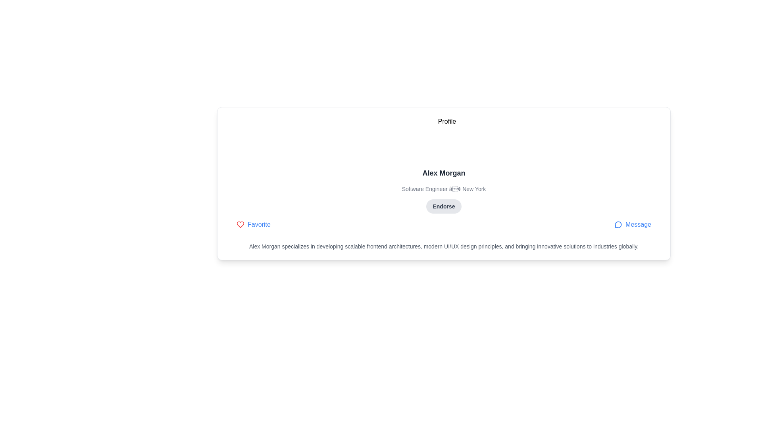  Describe the element at coordinates (240, 225) in the screenshot. I see `the 'favorite' icon located in the lower left portion of the card adjacent to the text 'Favorite' to observe any tooltip or visual changes` at that location.